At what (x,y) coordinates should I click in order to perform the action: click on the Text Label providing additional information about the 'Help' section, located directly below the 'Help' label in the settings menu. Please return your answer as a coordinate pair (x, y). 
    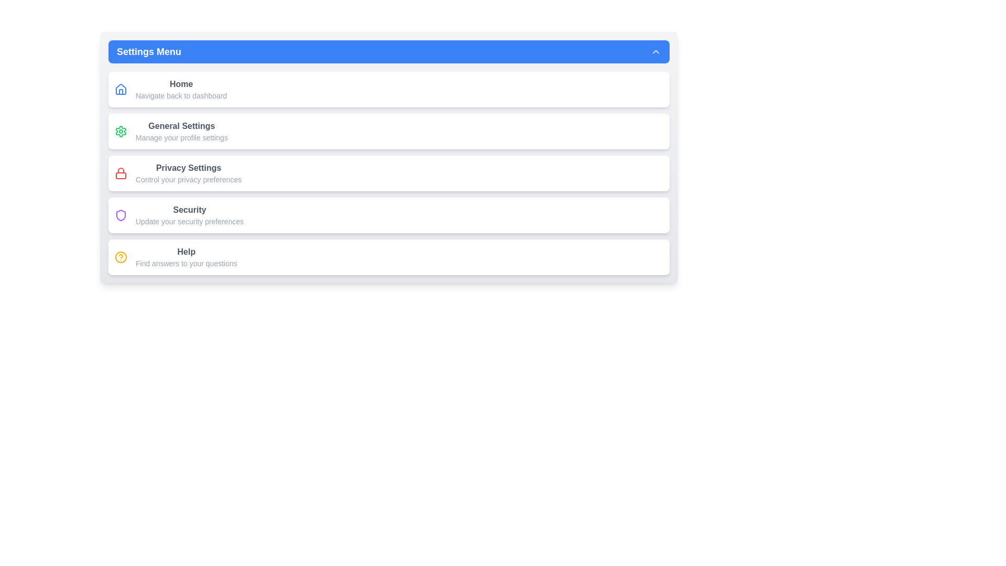
    Looking at the image, I should click on (186, 263).